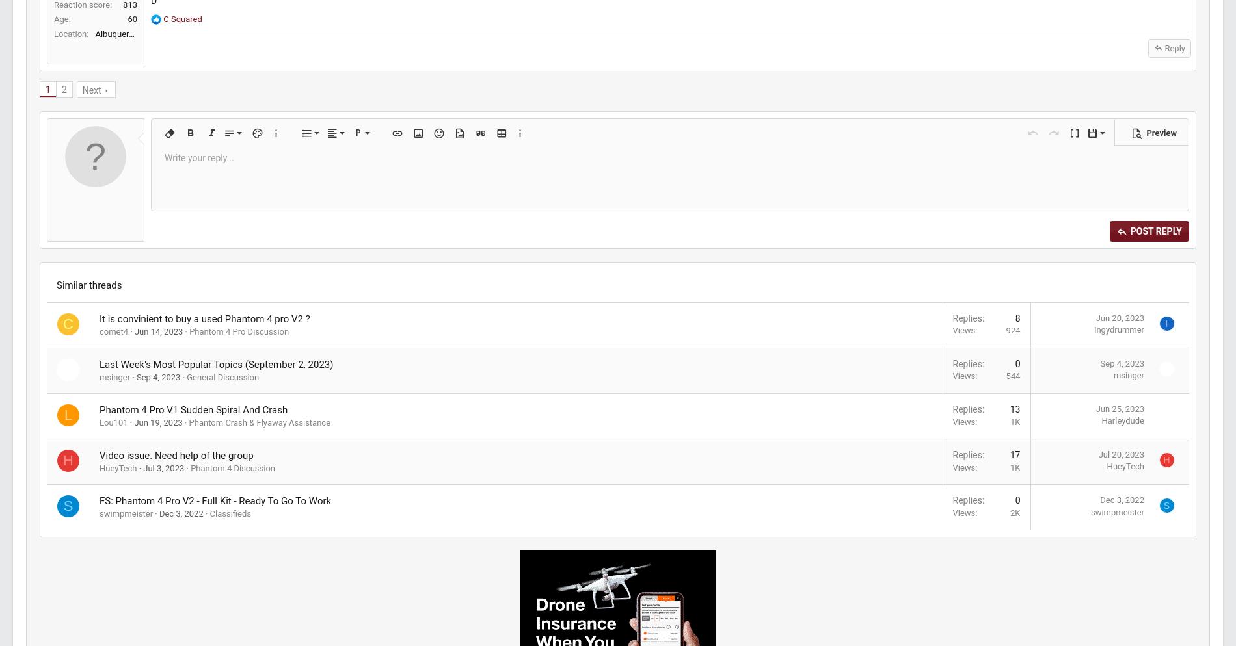 This screenshot has height=646, width=1236. Describe the element at coordinates (783, 499) in the screenshot. I see `'13'` at that location.